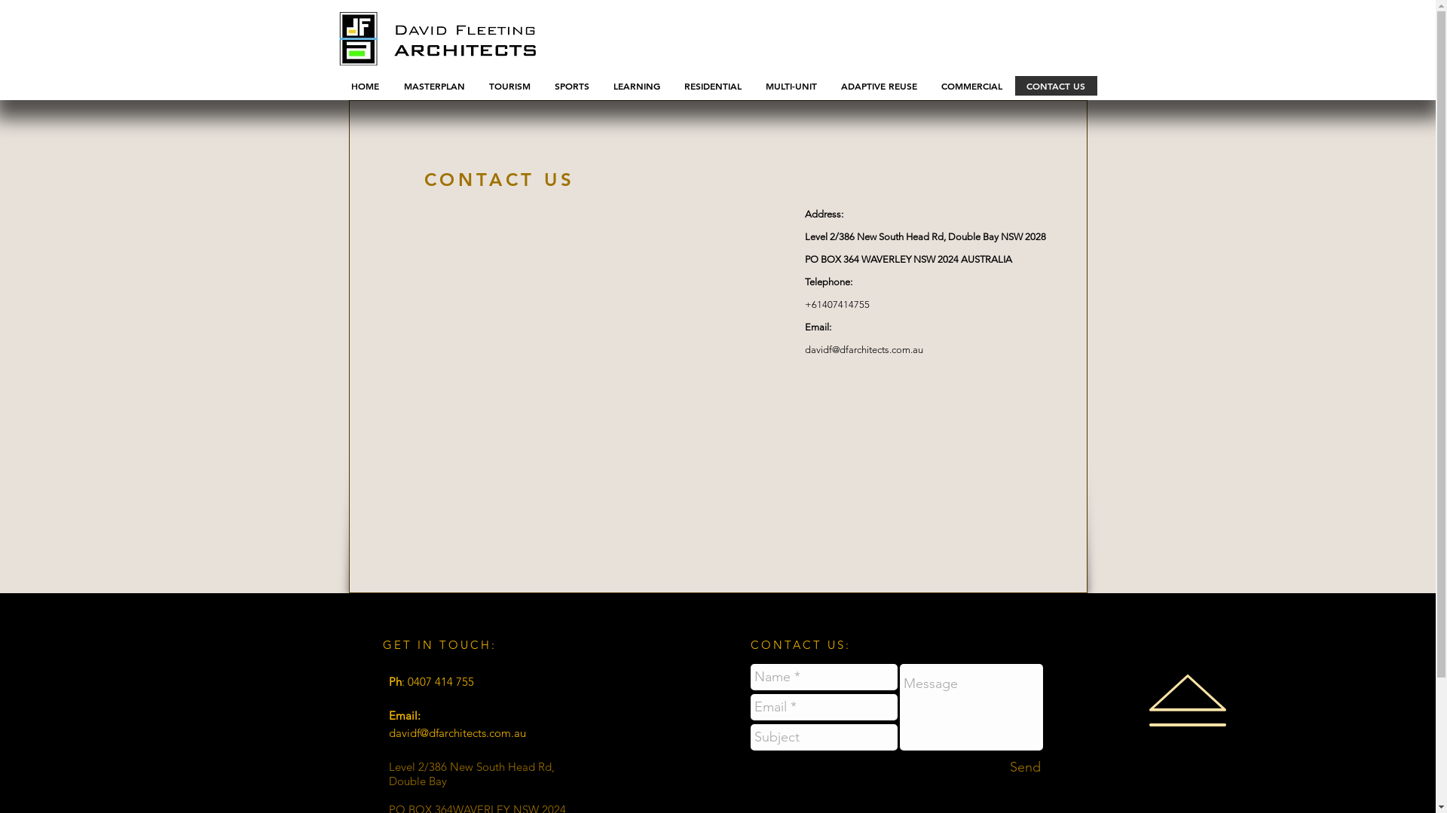 This screenshot has height=813, width=1447. What do you see at coordinates (1024, 767) in the screenshot?
I see `'Send'` at bounding box center [1024, 767].